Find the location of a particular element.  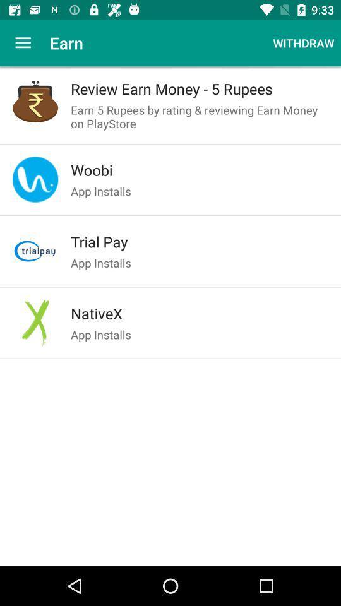

the nativex is located at coordinates (200, 312).